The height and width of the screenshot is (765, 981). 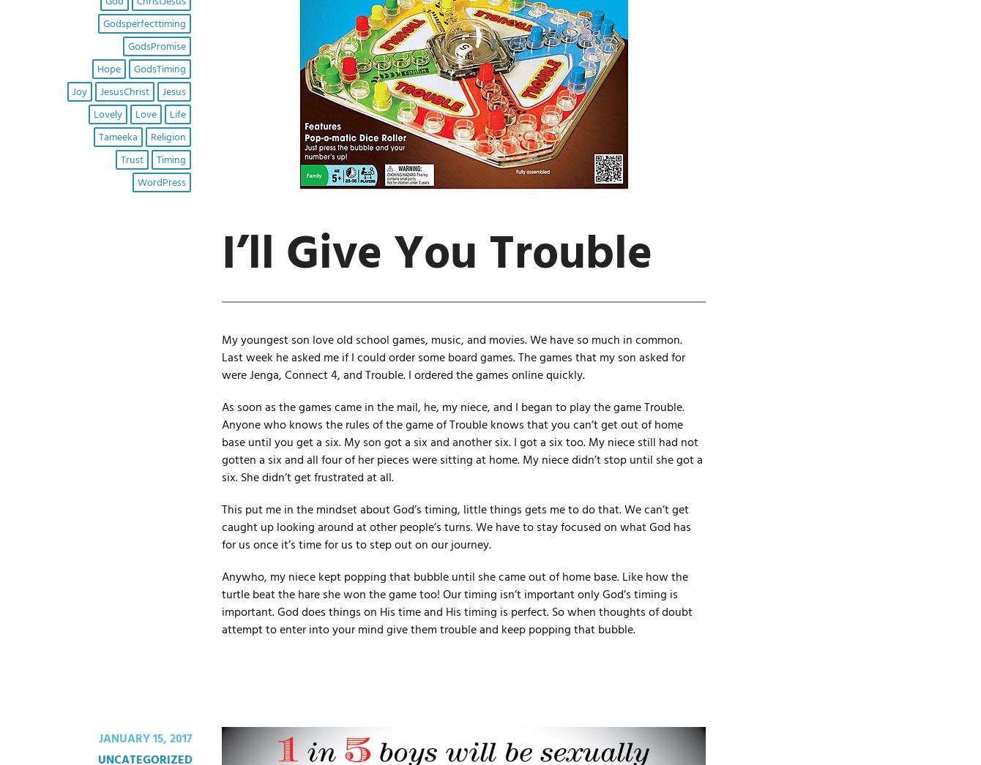 What do you see at coordinates (155, 46) in the screenshot?
I see `'GodsPromise'` at bounding box center [155, 46].